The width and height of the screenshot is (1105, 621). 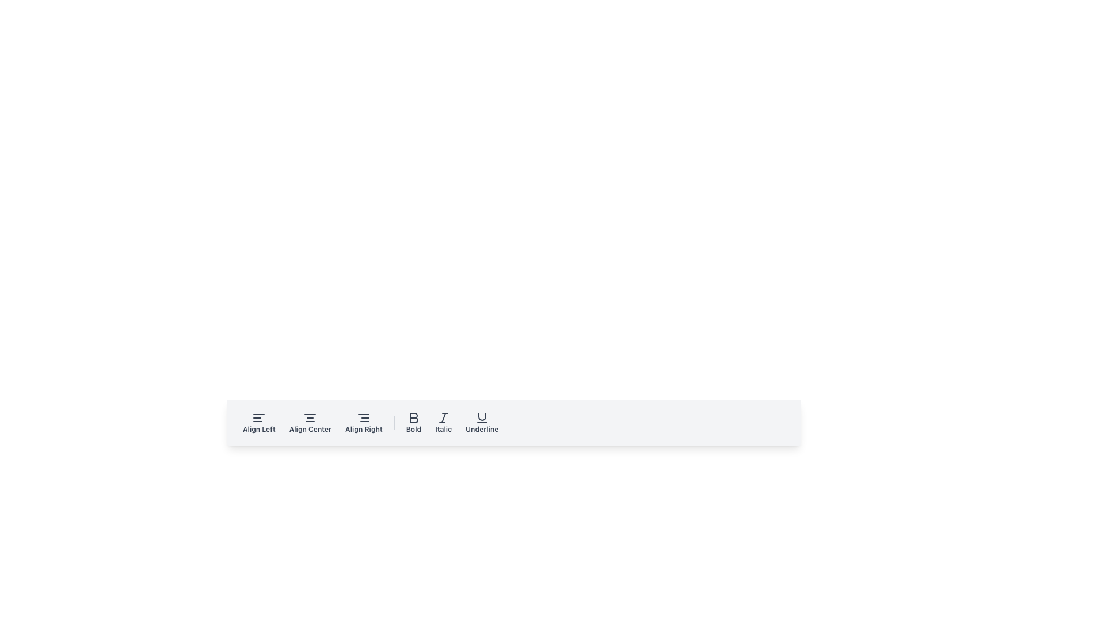 What do you see at coordinates (443, 430) in the screenshot?
I see `the text label UI component that identifies the Italic formatting option, located near the bottom bar of the layout` at bounding box center [443, 430].